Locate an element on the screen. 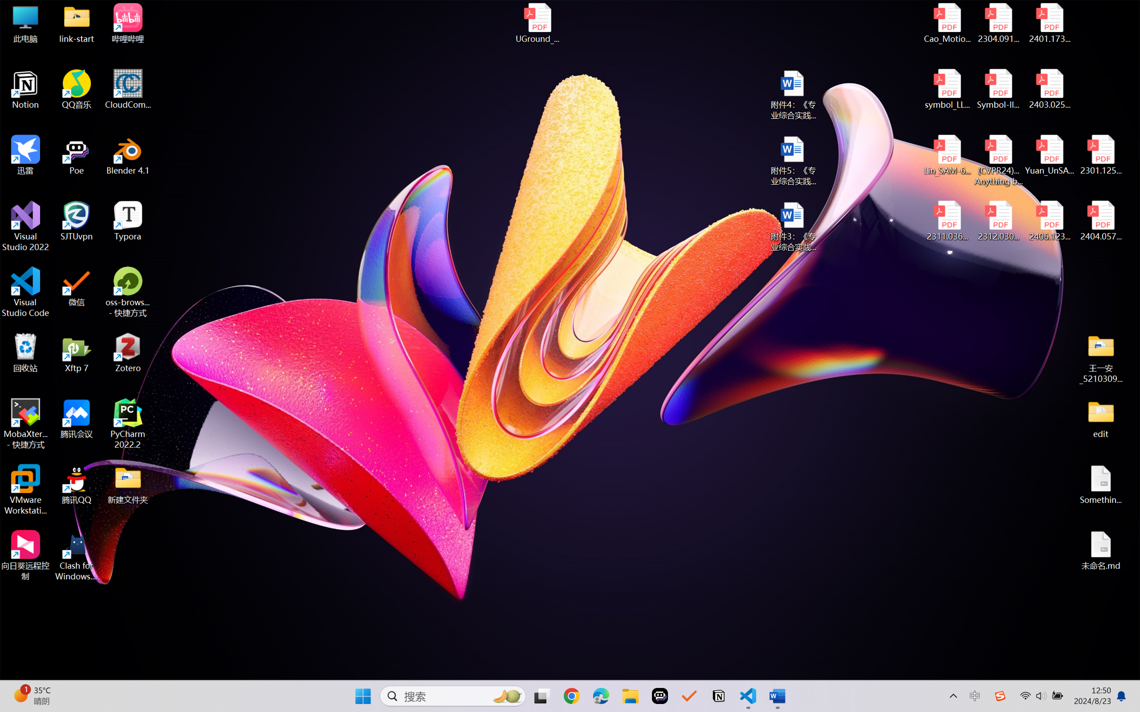 The height and width of the screenshot is (712, 1140). '2301.12597v3.pdf' is located at coordinates (1100, 154).